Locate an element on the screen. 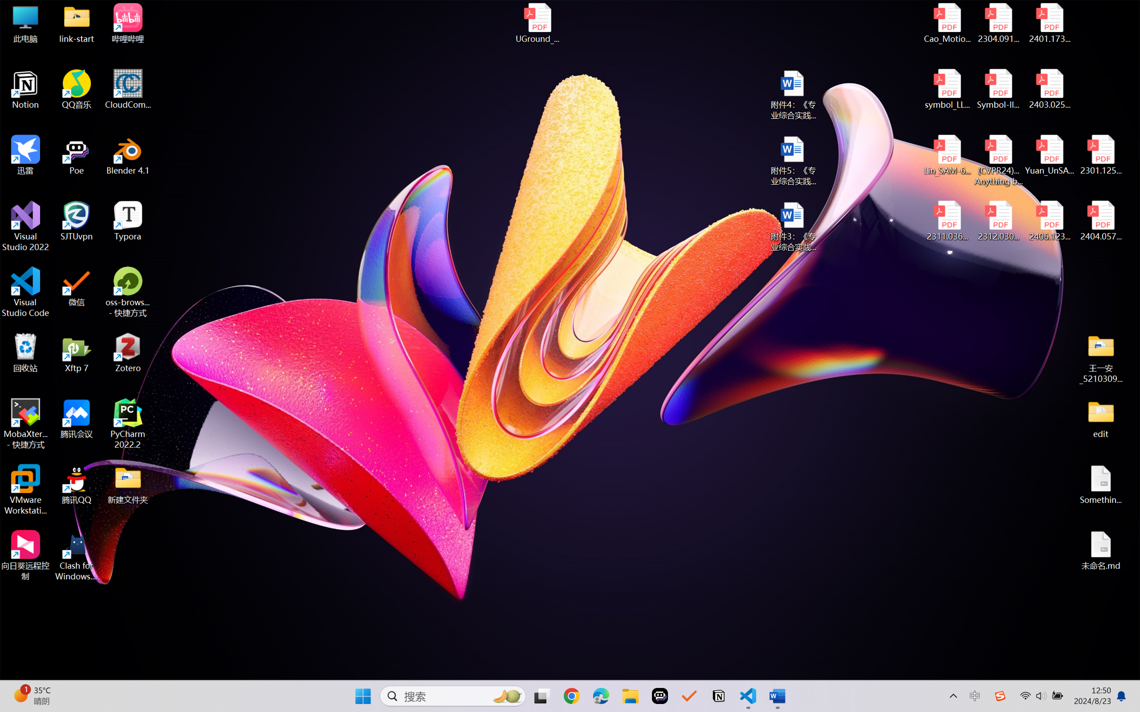 The height and width of the screenshot is (712, 1140). '2301.12597v3.pdf' is located at coordinates (1100, 154).